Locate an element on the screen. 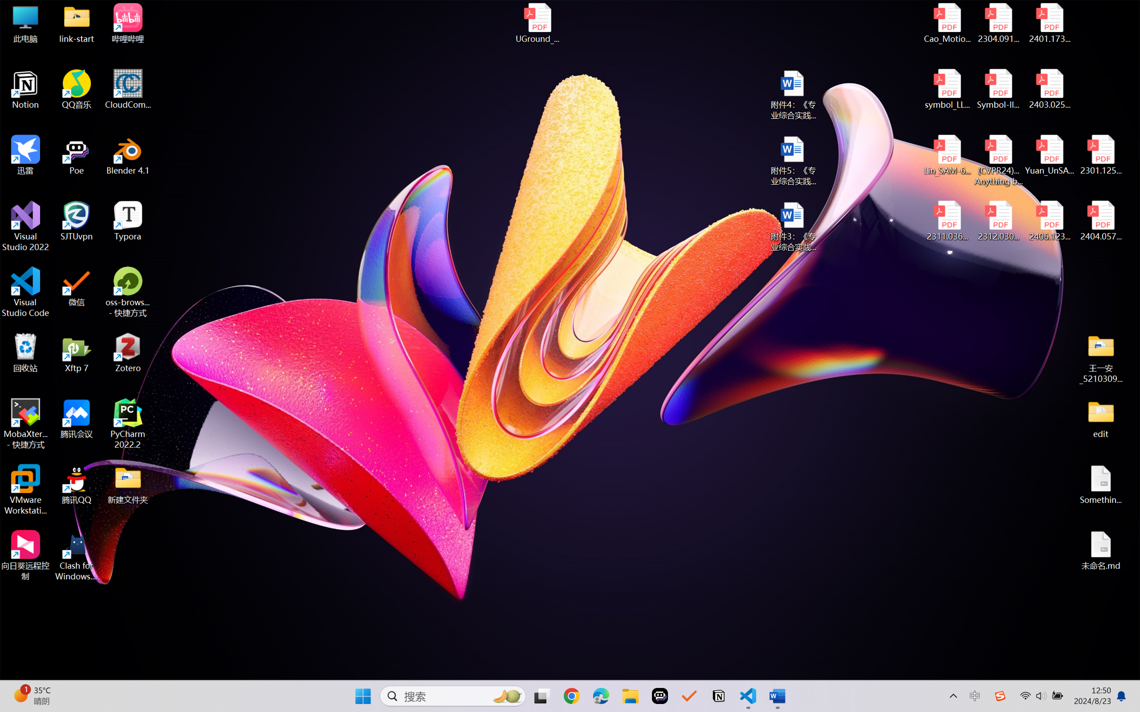 The height and width of the screenshot is (712, 1140). '2301.12597v3.pdf' is located at coordinates (1100, 154).